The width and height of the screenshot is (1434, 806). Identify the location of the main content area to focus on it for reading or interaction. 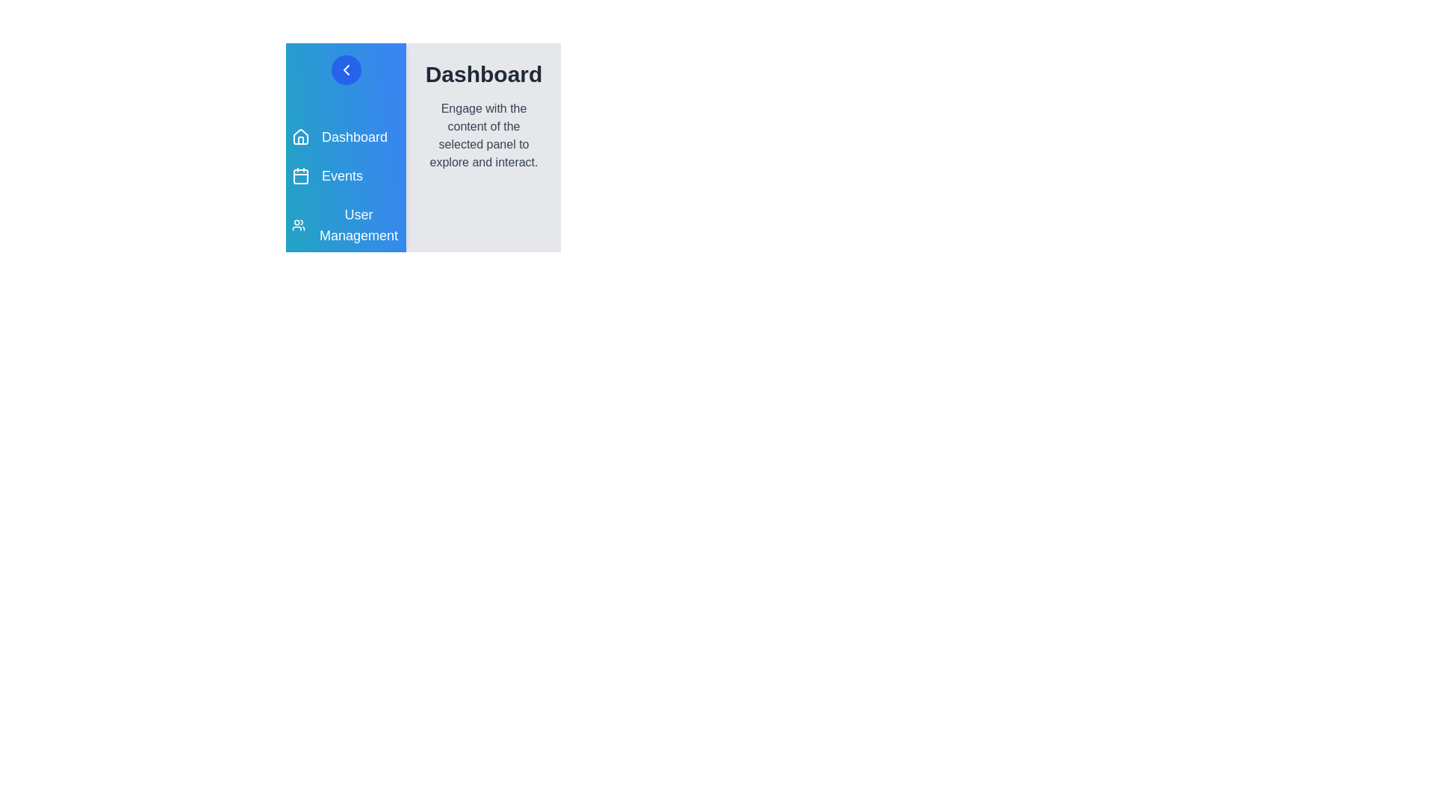
(484, 135).